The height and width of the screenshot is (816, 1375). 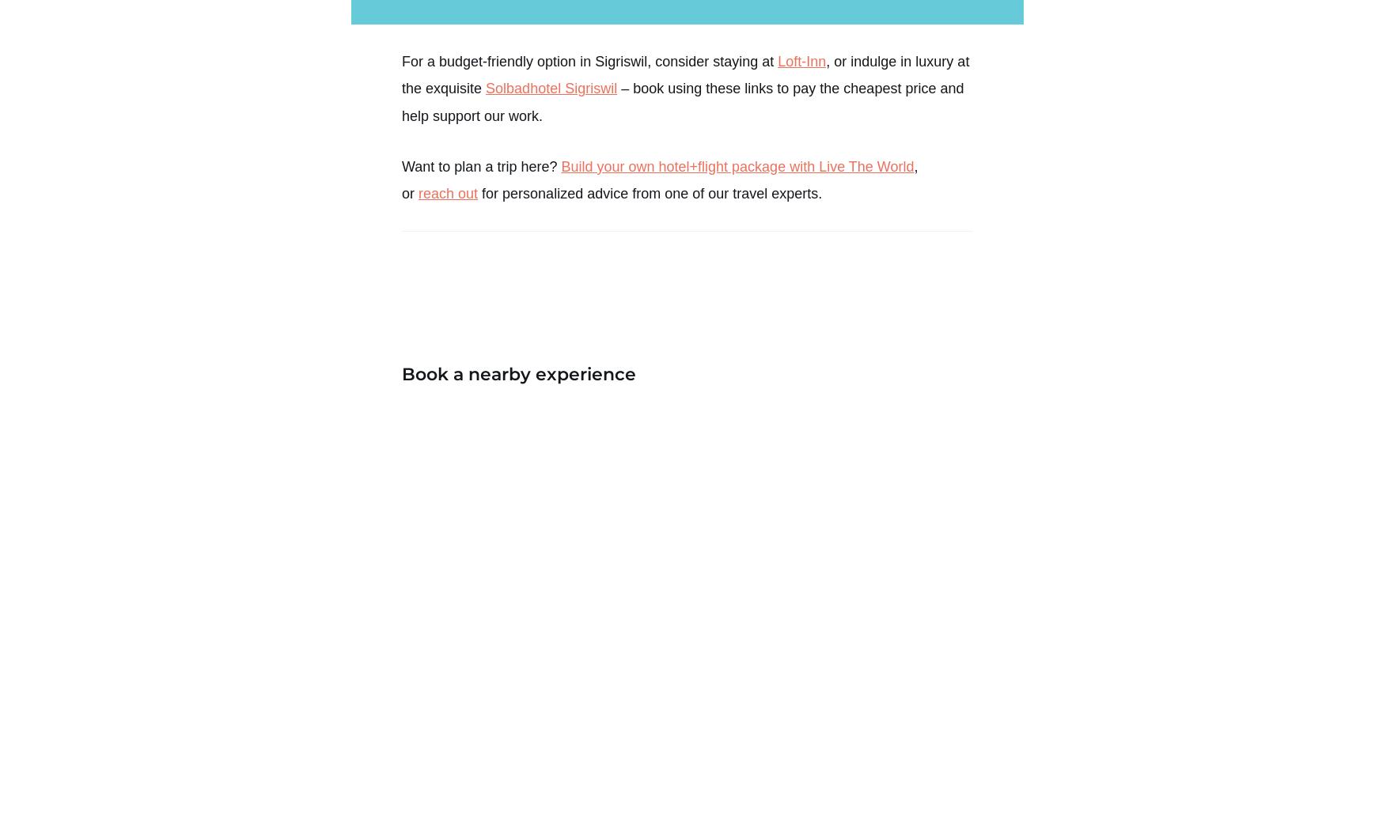 What do you see at coordinates (551, 88) in the screenshot?
I see `'Solbadhotel Sigriswil'` at bounding box center [551, 88].